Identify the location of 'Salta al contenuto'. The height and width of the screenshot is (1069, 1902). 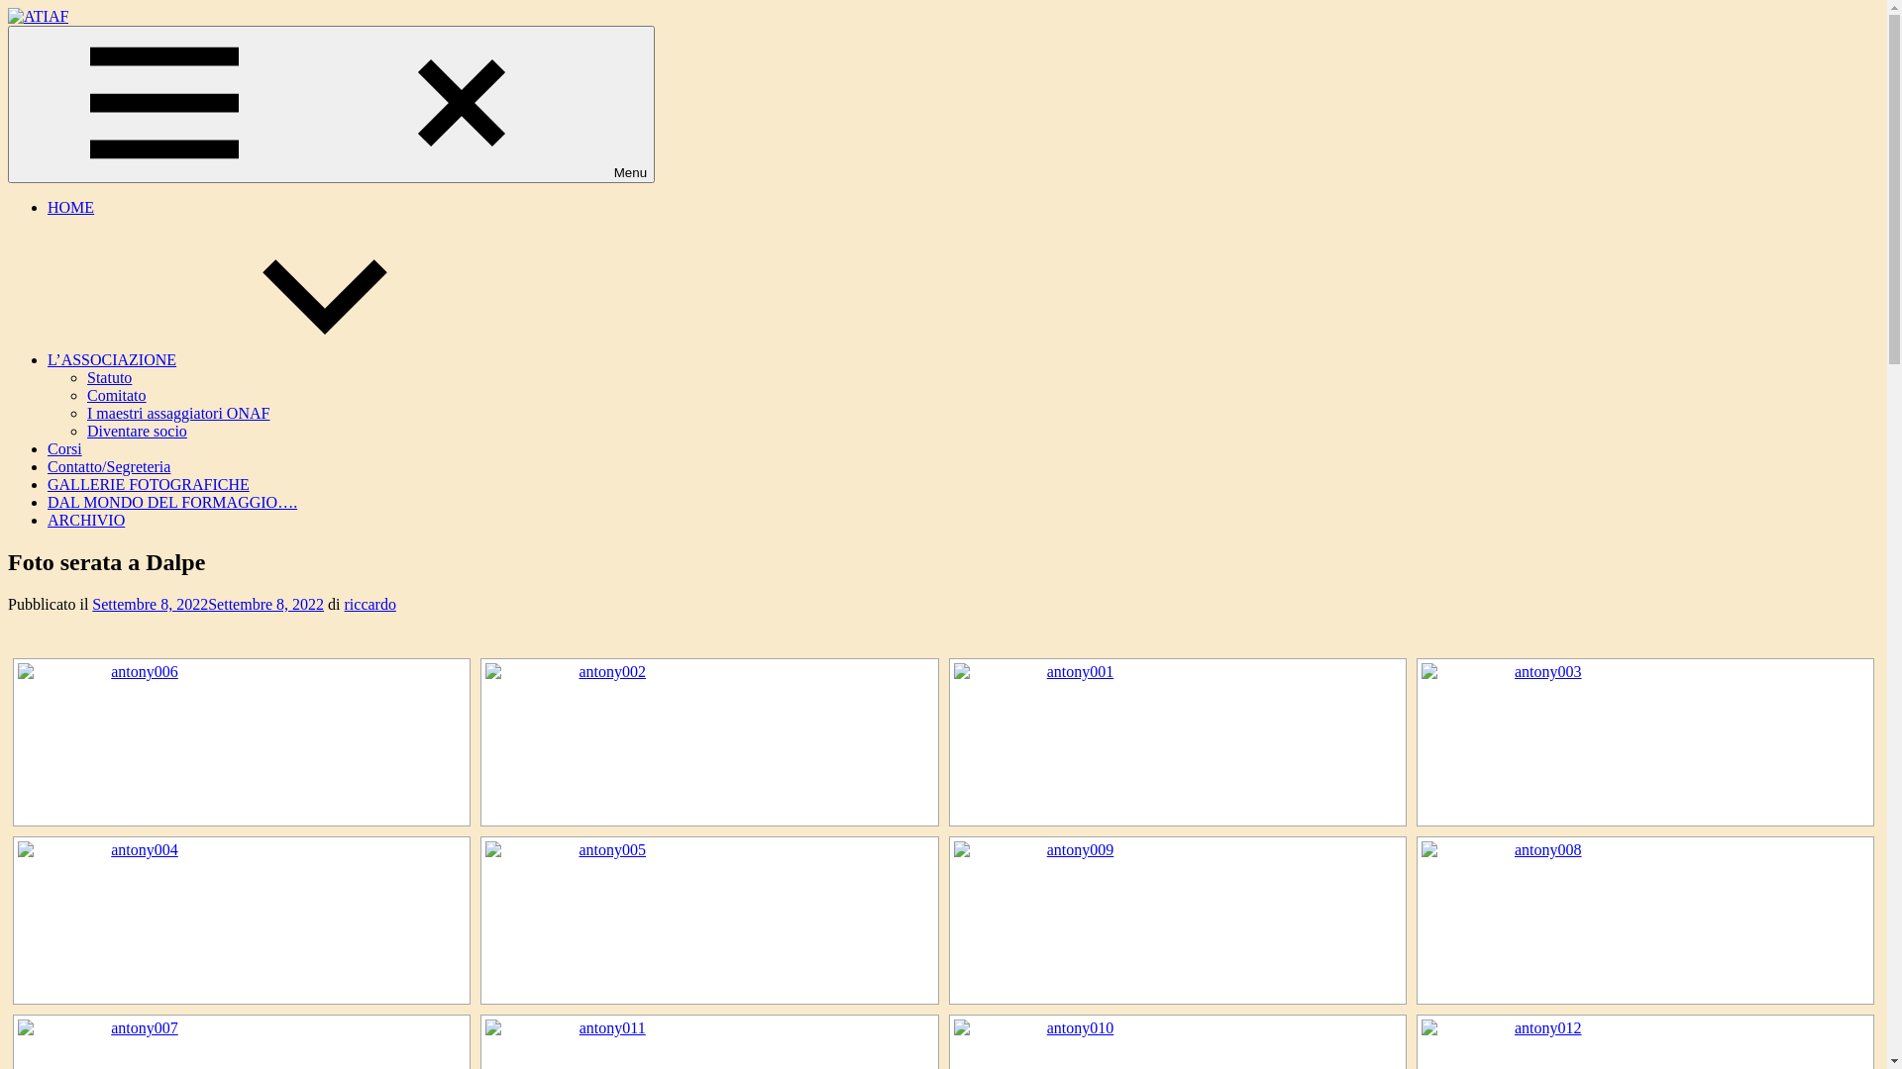
(7, 7).